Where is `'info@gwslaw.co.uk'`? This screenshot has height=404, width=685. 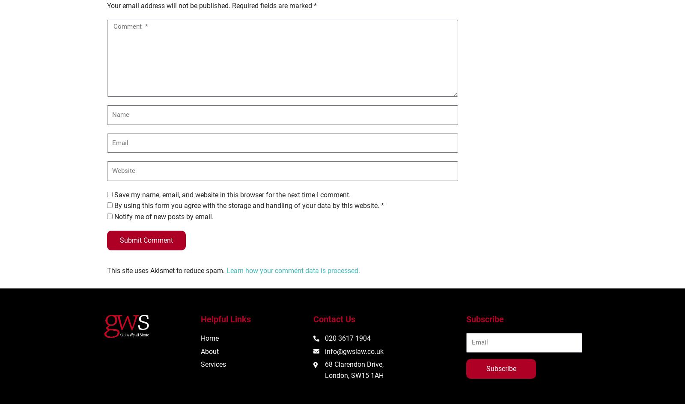
'info@gwslaw.co.uk' is located at coordinates (354, 351).